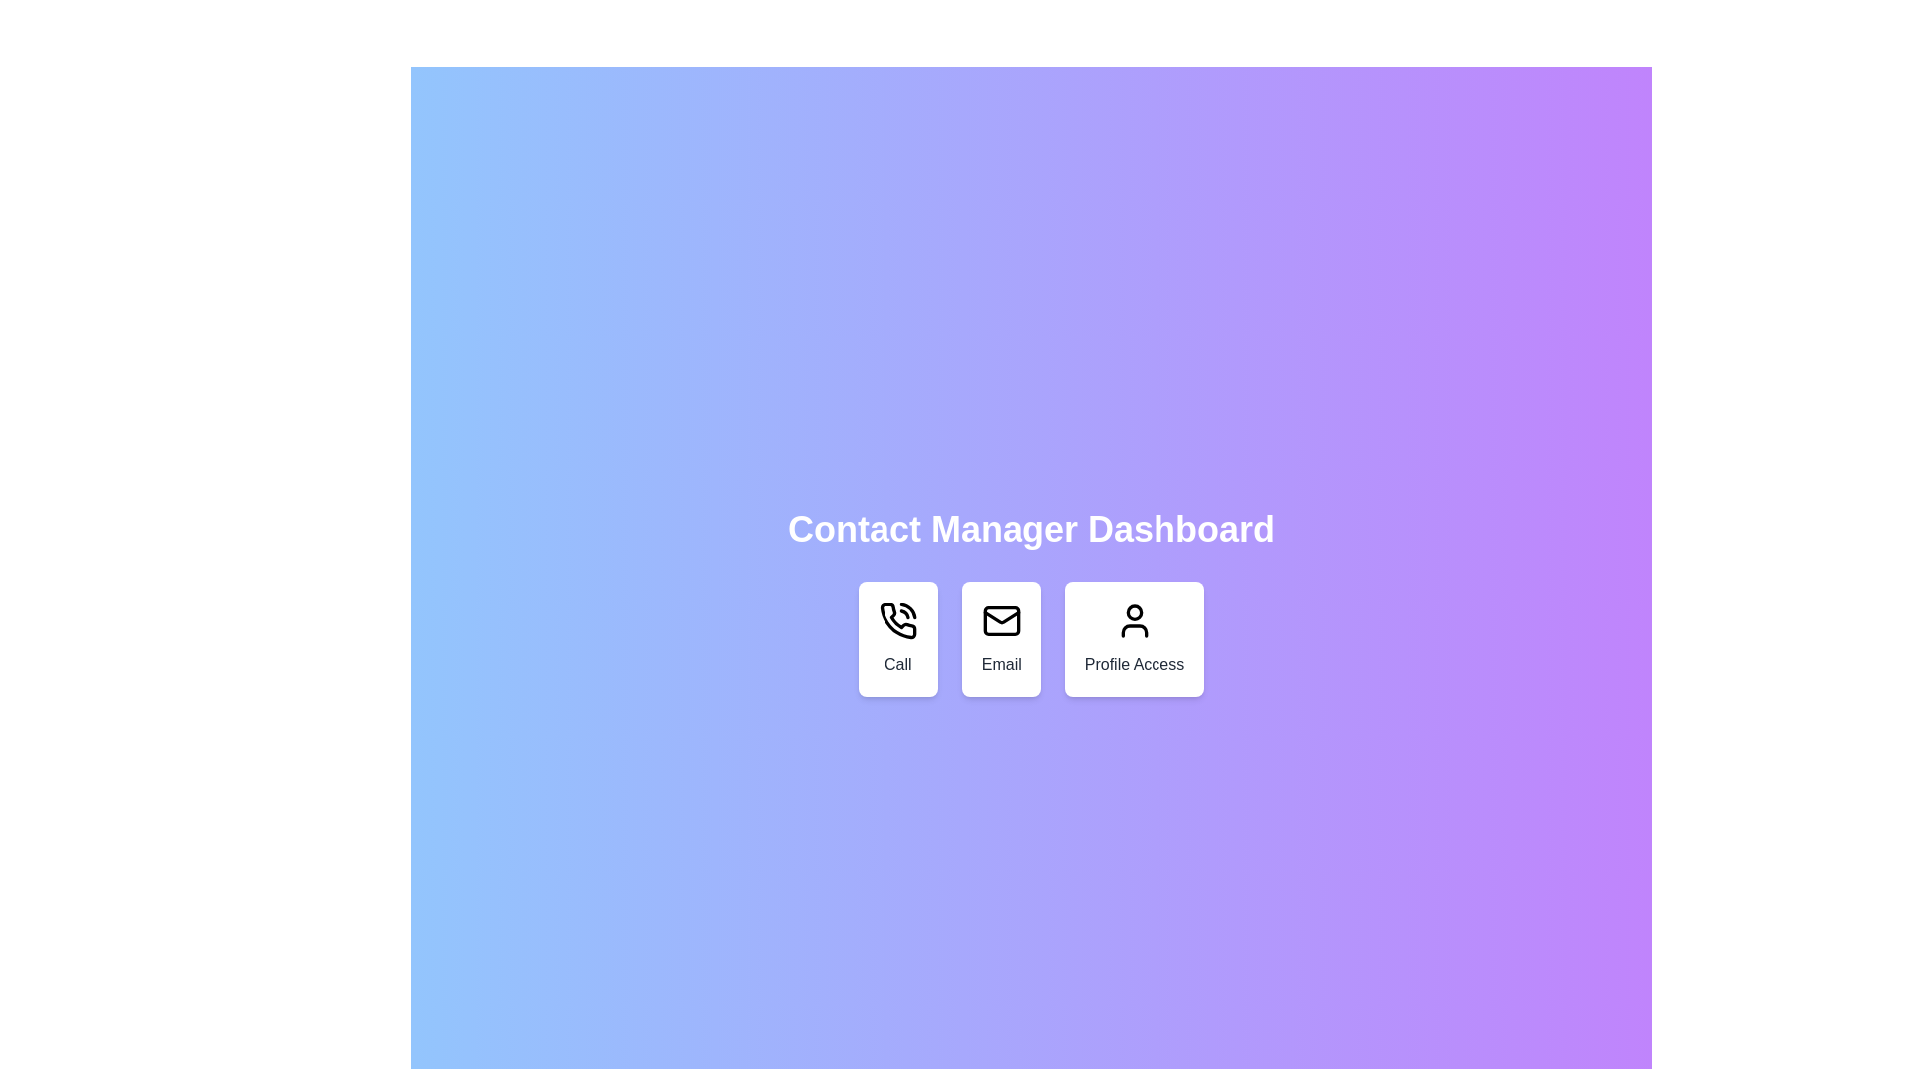 This screenshot has width=1906, height=1072. I want to click on the 'Call' button, which is a rectangular button with a white background, rounded corners, and a phone receiver icon on the left side of the text 'Call', so click(896, 639).